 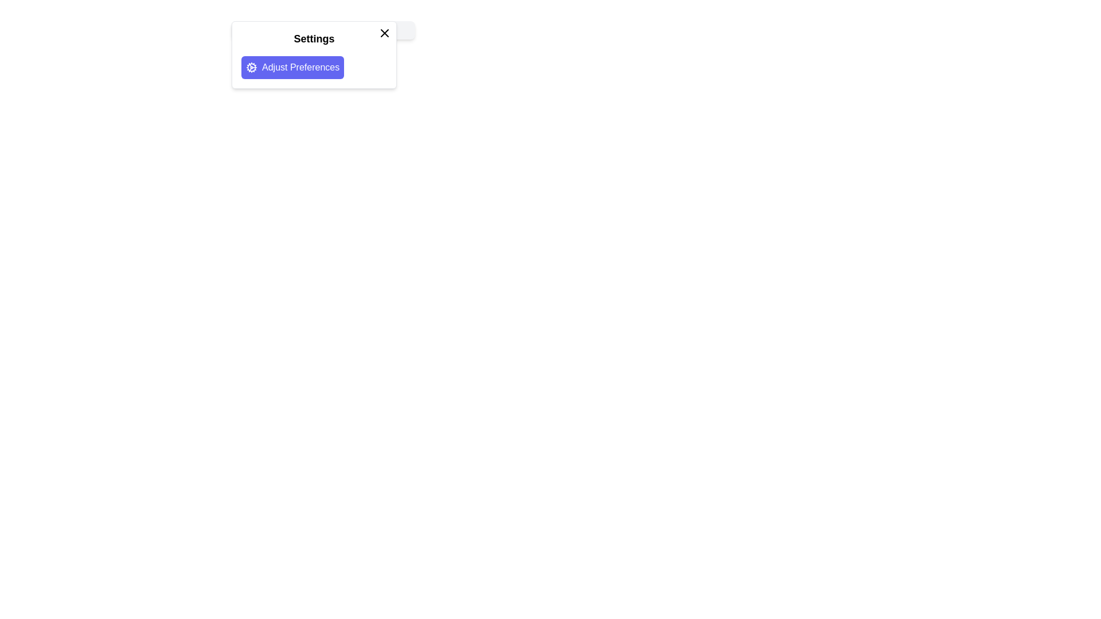 I want to click on the settings button located centrally within the modal titled 'Settings' to possibly see a description, so click(x=292, y=68).